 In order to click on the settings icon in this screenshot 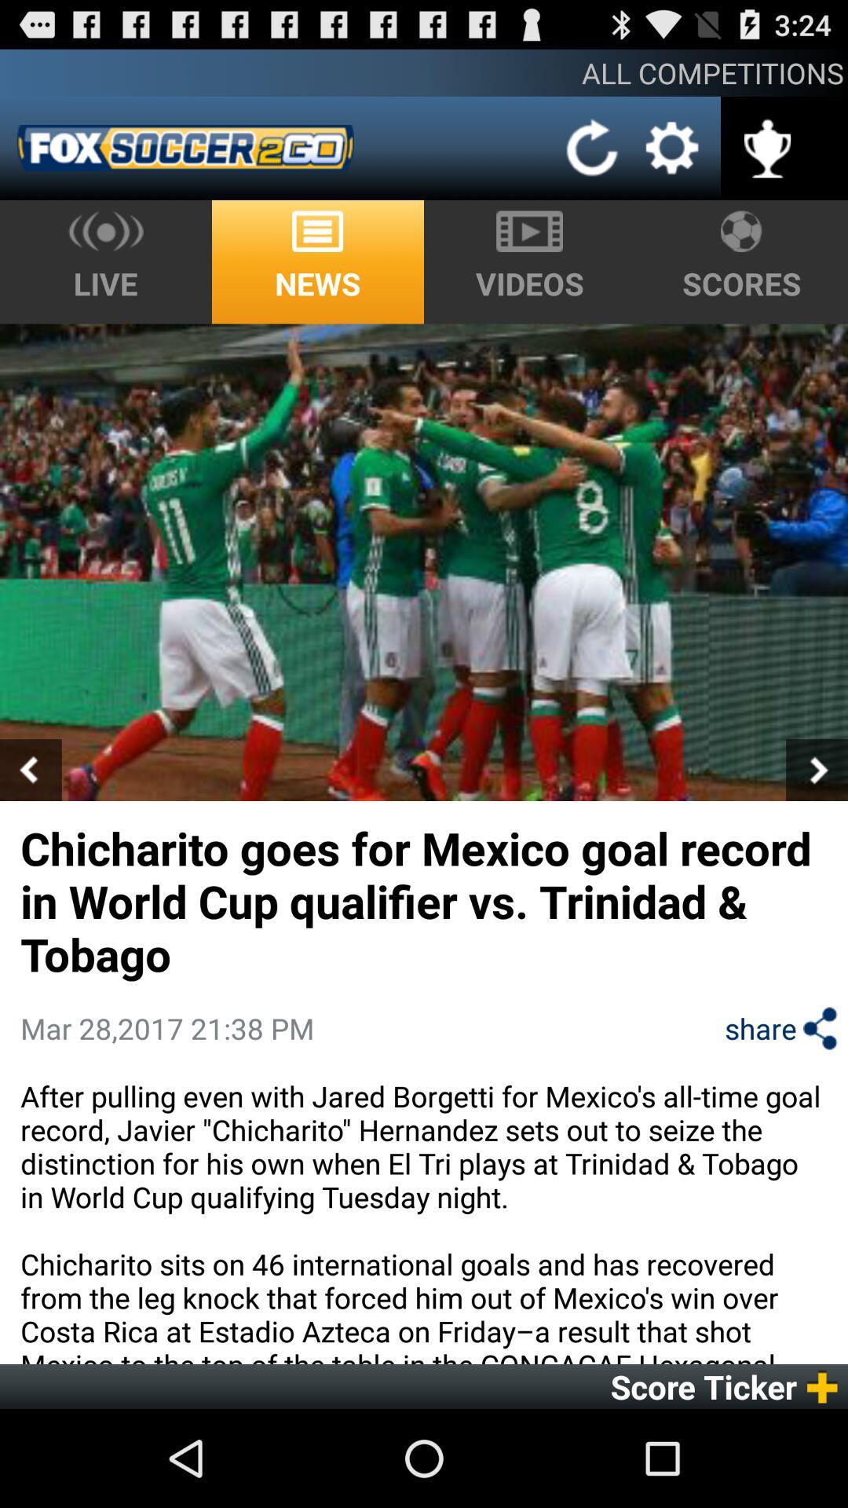, I will do `click(671, 158)`.